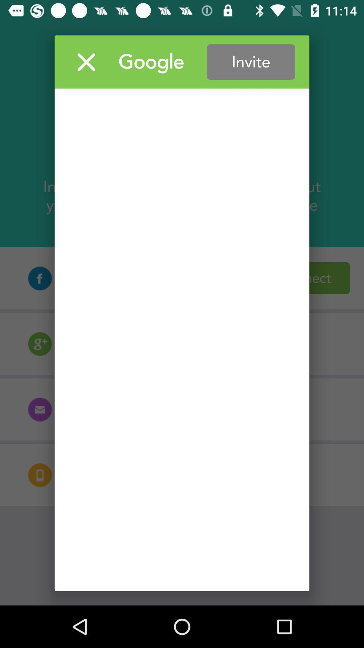  What do you see at coordinates (86, 62) in the screenshot?
I see `exit modal` at bounding box center [86, 62].